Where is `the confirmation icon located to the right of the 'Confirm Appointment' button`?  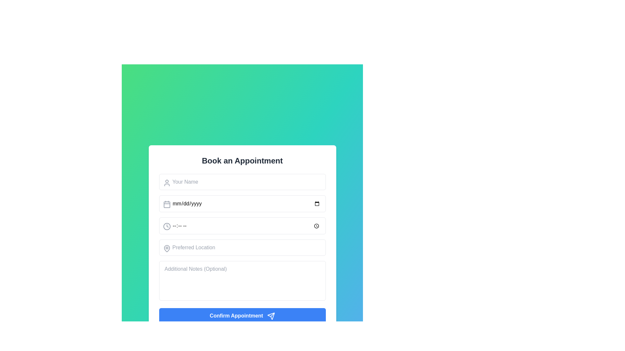 the confirmation icon located to the right of the 'Confirm Appointment' button is located at coordinates (271, 316).